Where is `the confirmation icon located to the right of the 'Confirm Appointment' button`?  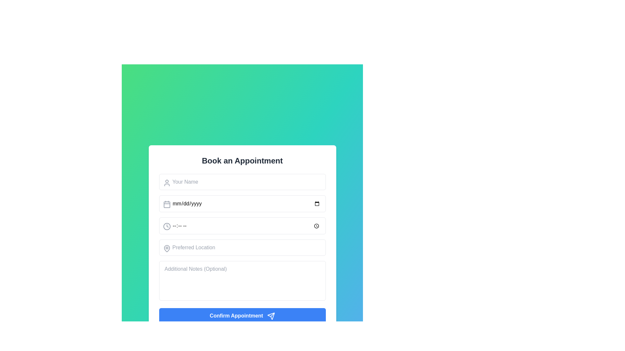 the confirmation icon located to the right of the 'Confirm Appointment' button is located at coordinates (271, 316).